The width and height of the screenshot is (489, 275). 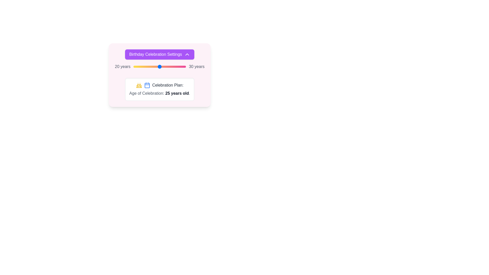 I want to click on the slider to set the celebration age to 21 years, so click(x=139, y=66).